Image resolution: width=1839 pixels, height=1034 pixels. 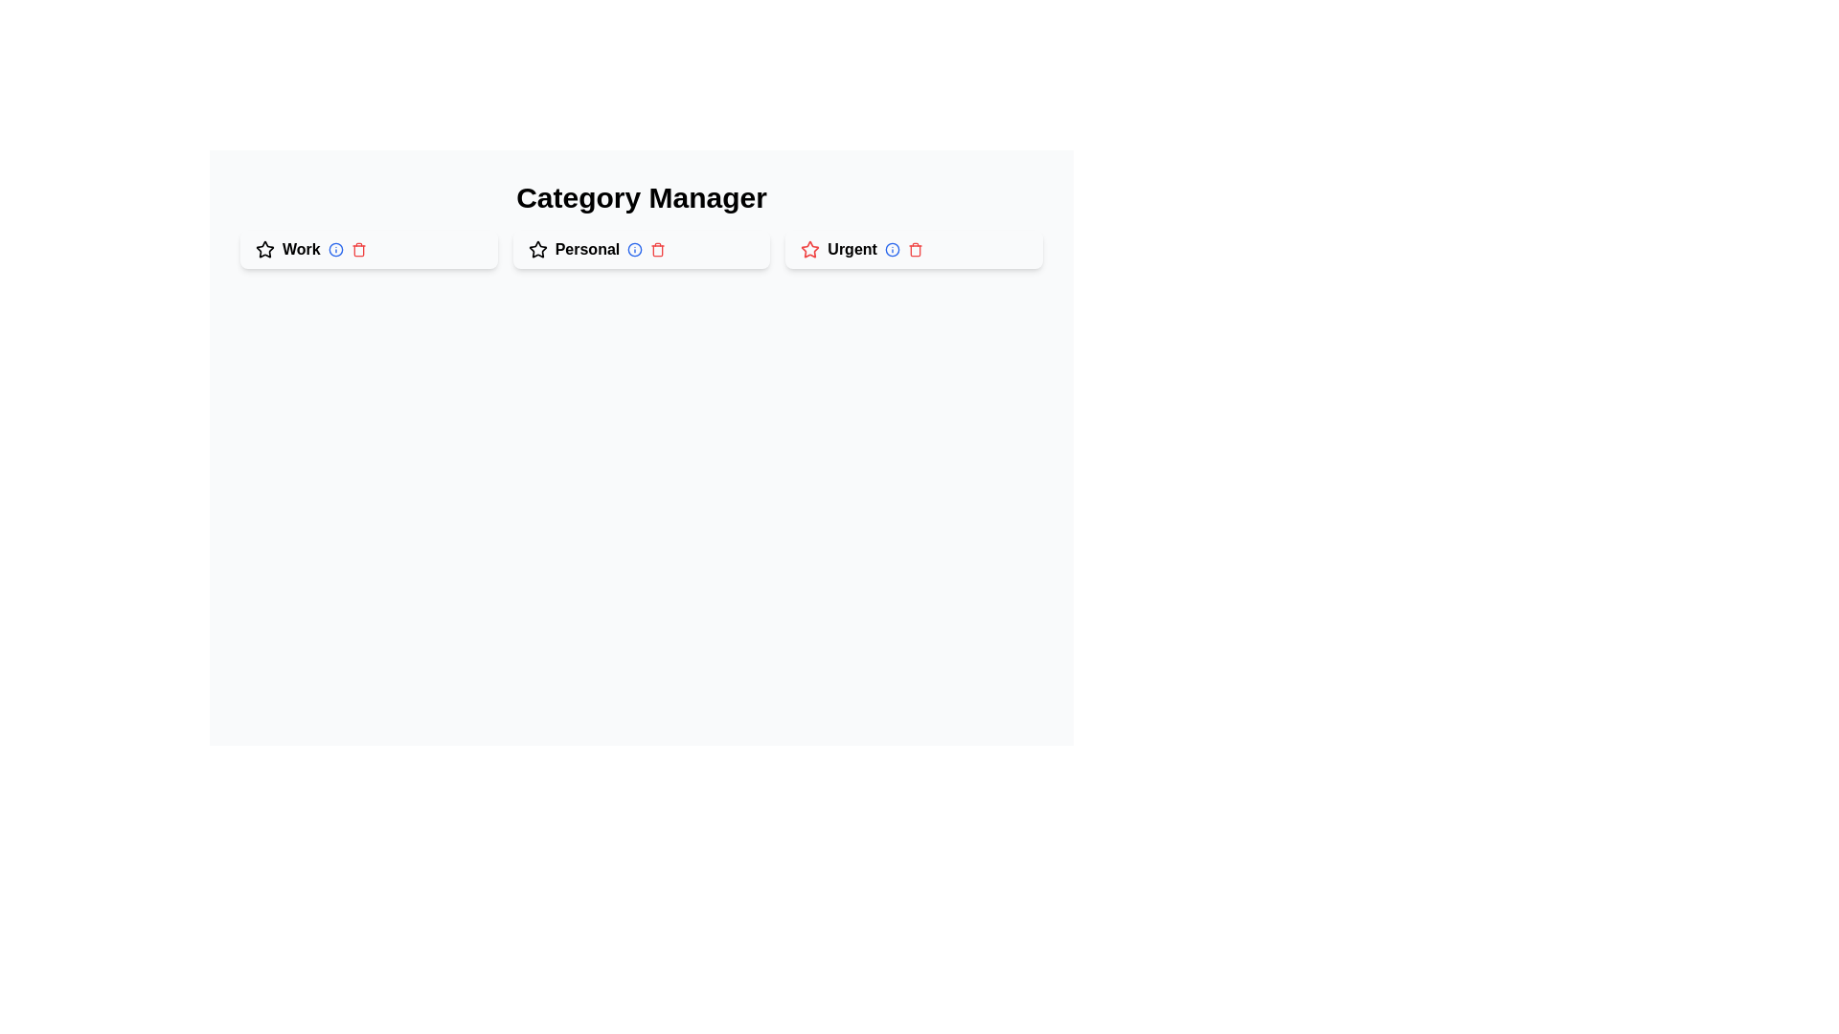 I want to click on the info button for the category Work, so click(x=335, y=249).